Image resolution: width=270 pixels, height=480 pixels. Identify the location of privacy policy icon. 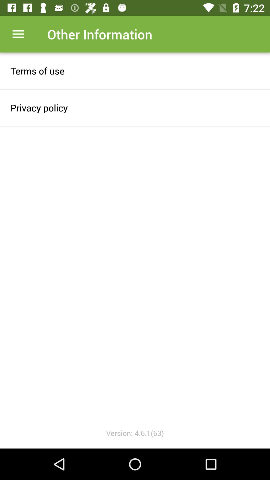
(135, 107).